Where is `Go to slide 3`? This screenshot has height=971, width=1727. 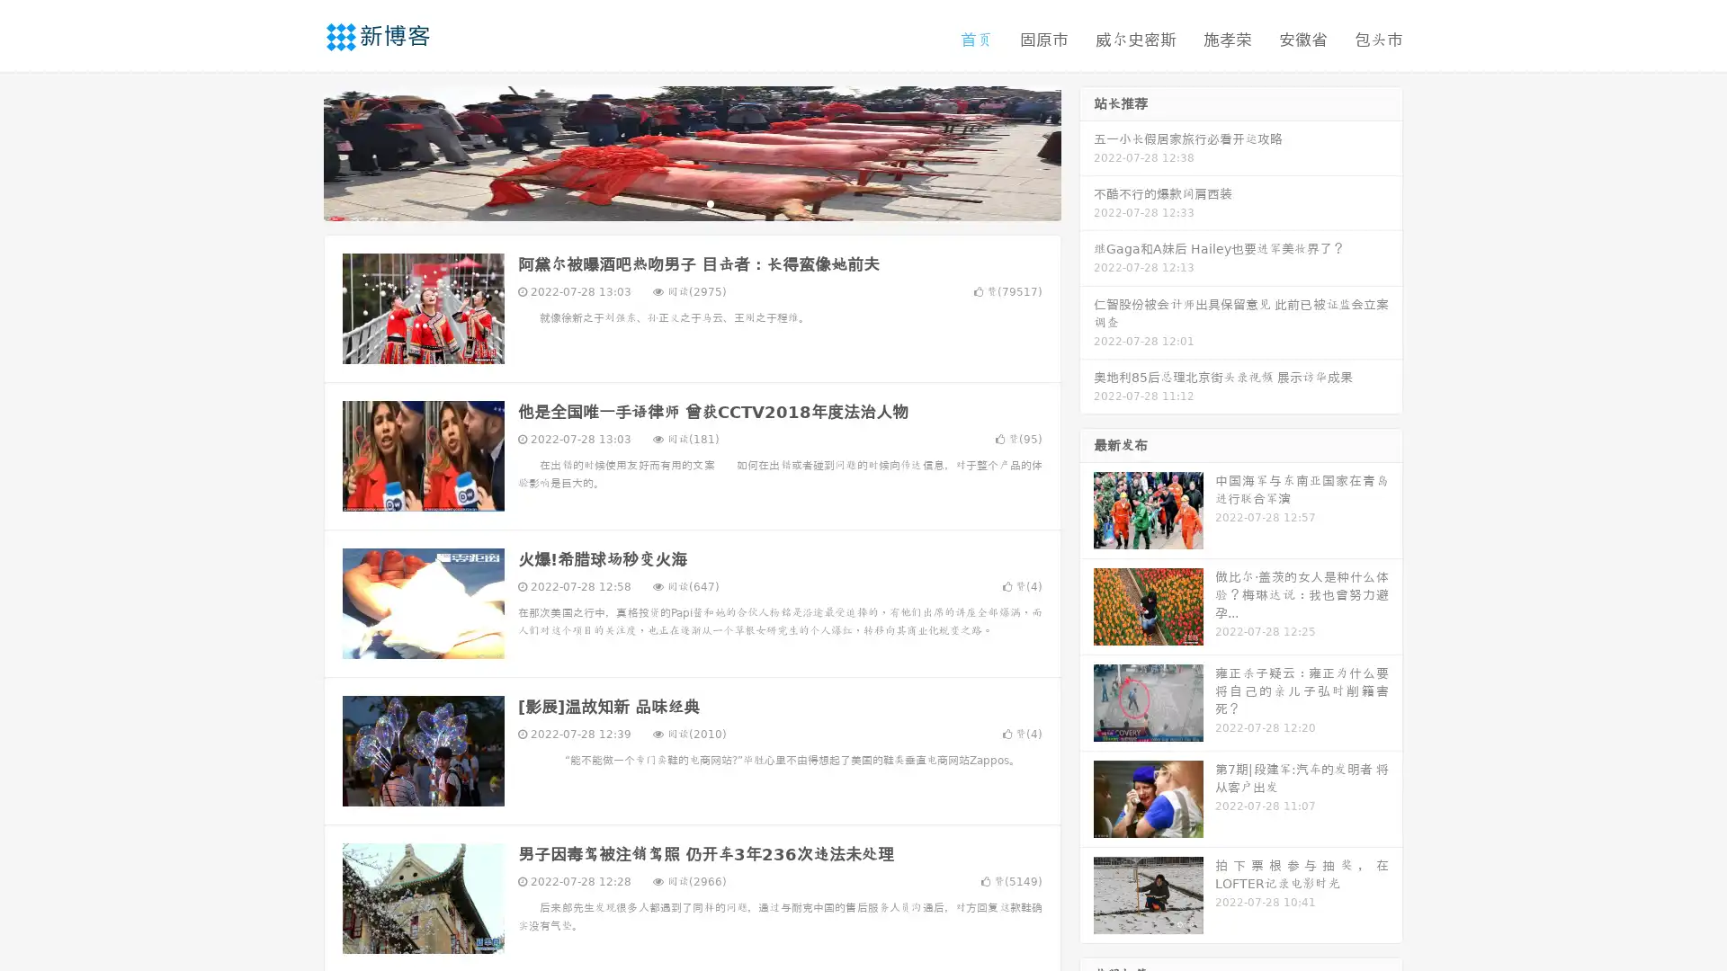 Go to slide 3 is located at coordinates (710, 202).